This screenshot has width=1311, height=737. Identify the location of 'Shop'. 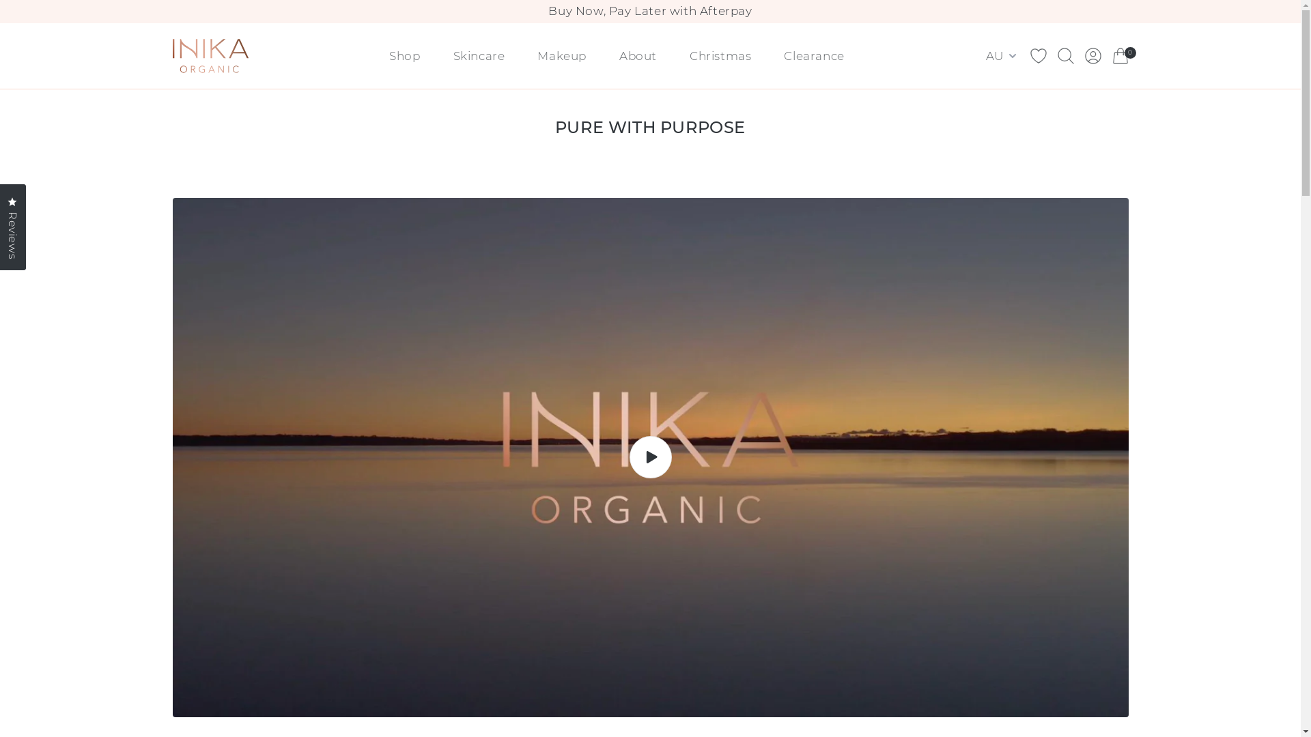
(389, 55).